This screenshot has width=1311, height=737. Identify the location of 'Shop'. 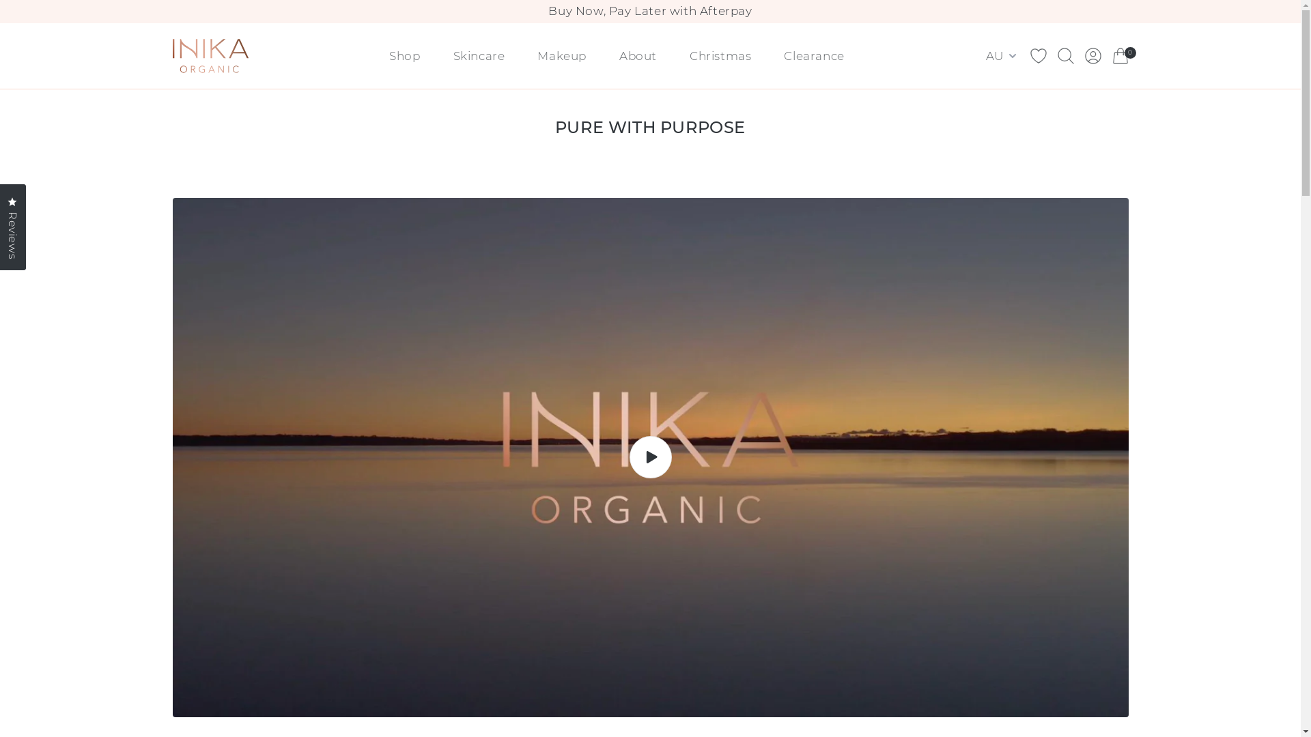
(389, 55).